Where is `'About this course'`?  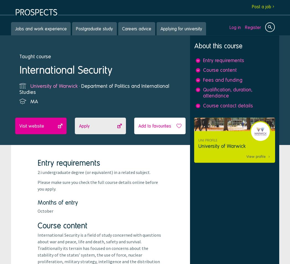
'About this course' is located at coordinates (194, 46).